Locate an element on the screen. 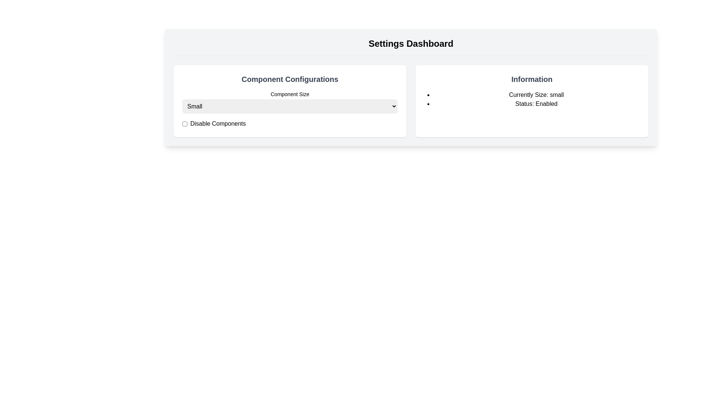  the Dropdown menu located in the left card under the 'Component Configurations' section is located at coordinates (289, 106).